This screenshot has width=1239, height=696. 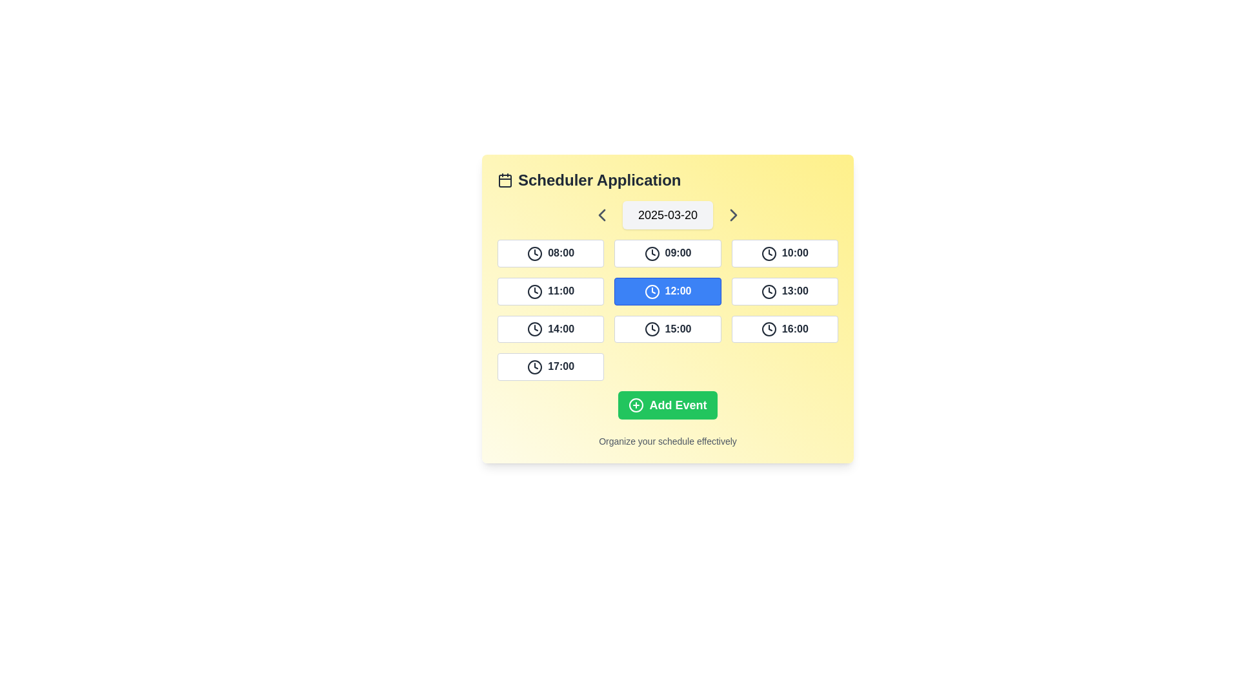 What do you see at coordinates (668, 441) in the screenshot?
I see `the static text label that displays 'Organize your schedule effectively', which is centered horizontally at the bottom of a box with a yellow gradient background` at bounding box center [668, 441].